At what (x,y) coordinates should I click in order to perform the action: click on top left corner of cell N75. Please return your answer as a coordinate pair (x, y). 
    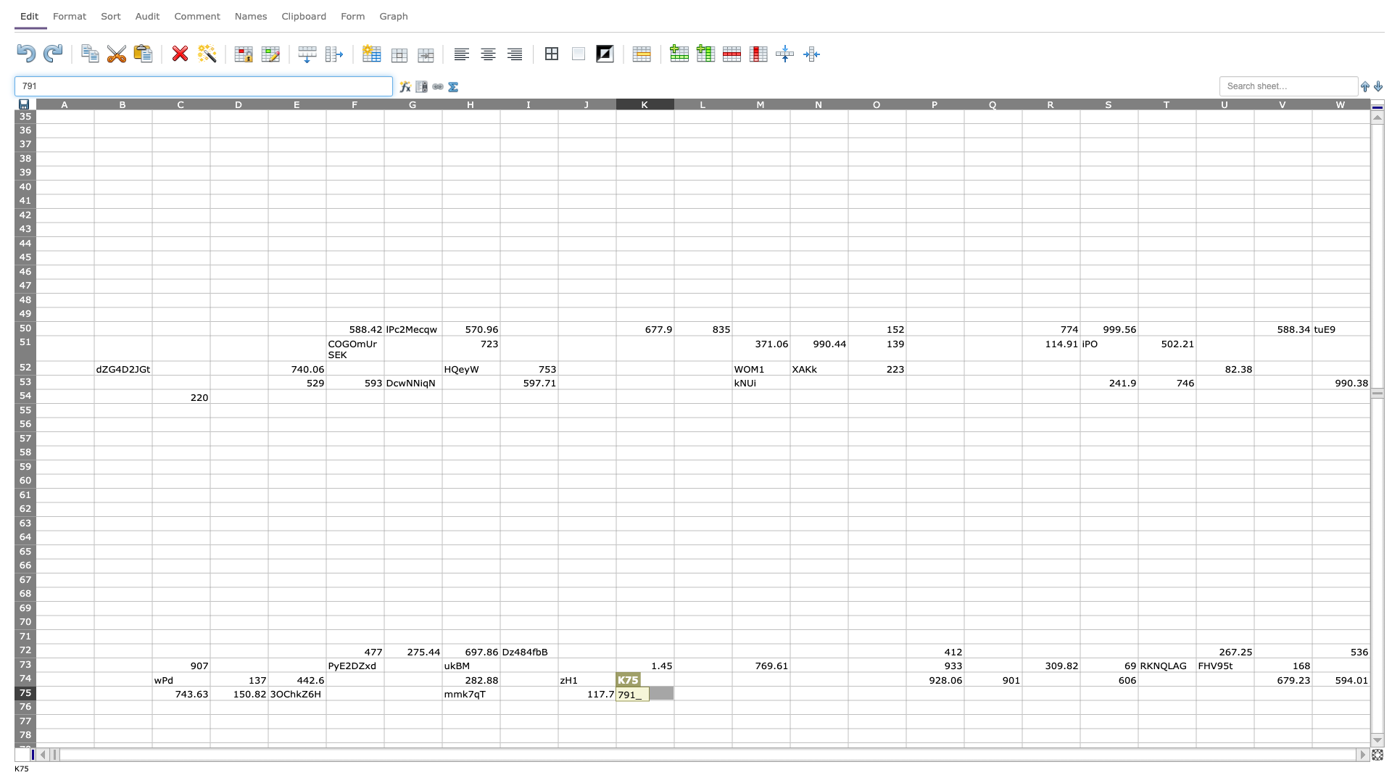
    Looking at the image, I should click on (789, 685).